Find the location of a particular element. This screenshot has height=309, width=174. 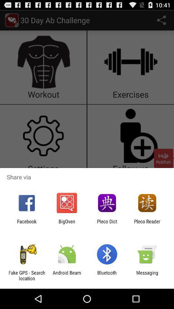

item to the right of the pleco dict item is located at coordinates (147, 224).